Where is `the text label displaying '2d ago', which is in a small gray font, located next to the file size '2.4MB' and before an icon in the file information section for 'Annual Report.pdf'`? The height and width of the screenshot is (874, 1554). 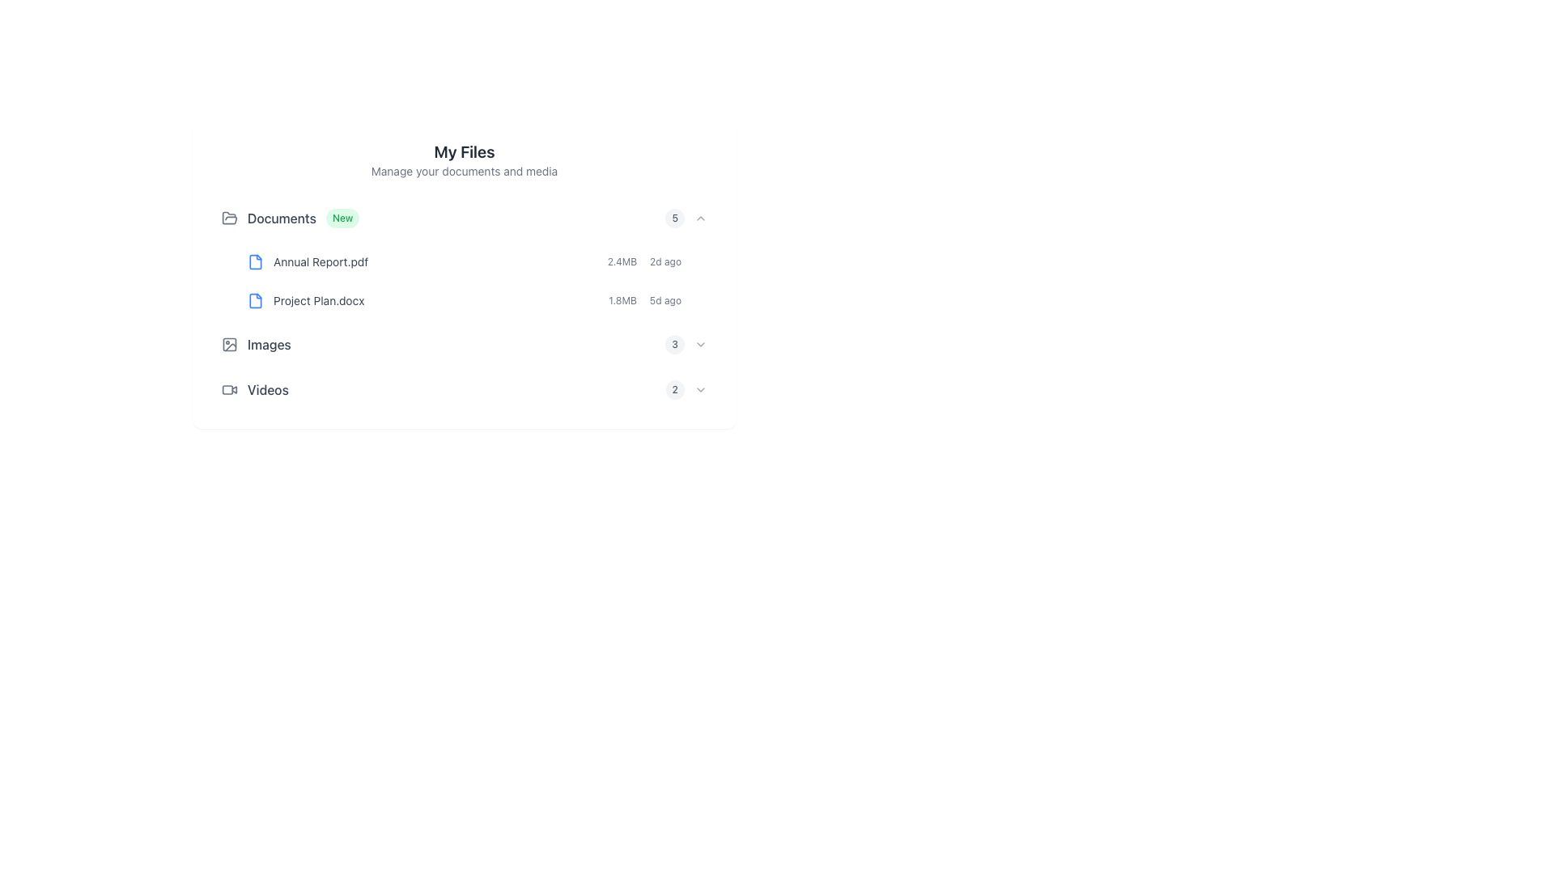
the text label displaying '2d ago', which is in a small gray font, located next to the file size '2.4MB' and before an icon in the file information section for 'Annual Report.pdf' is located at coordinates (665, 261).